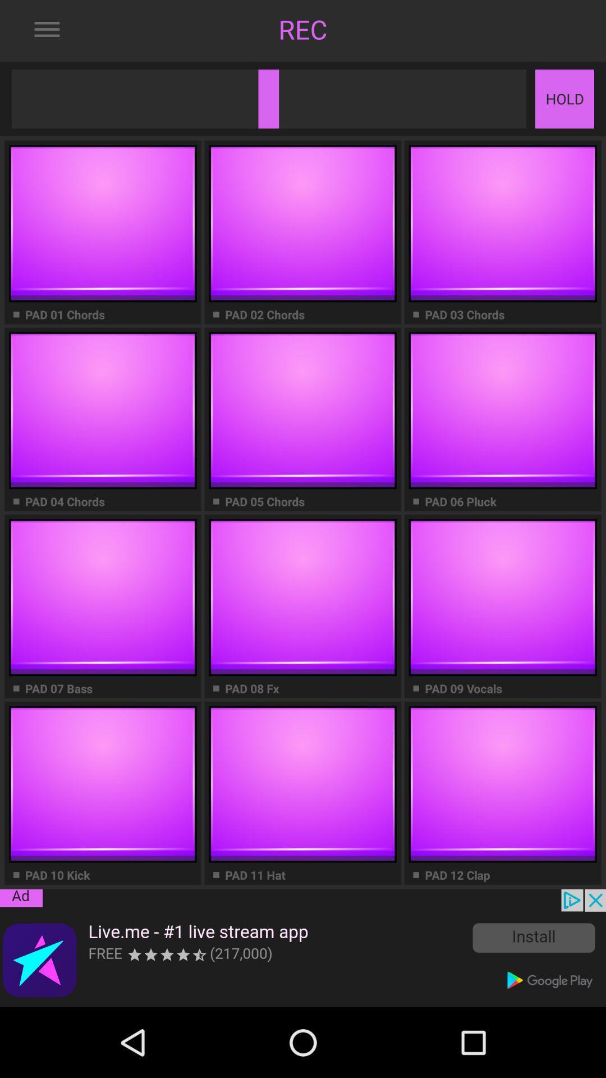  Describe the element at coordinates (564, 99) in the screenshot. I see `hold button` at that location.